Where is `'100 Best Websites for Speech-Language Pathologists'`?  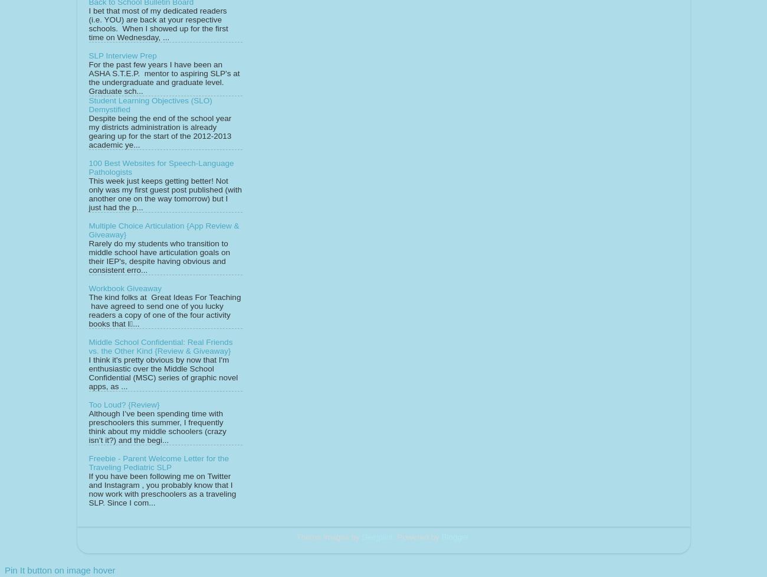 '100 Best Websites for Speech-Language Pathologists' is located at coordinates (161, 167).